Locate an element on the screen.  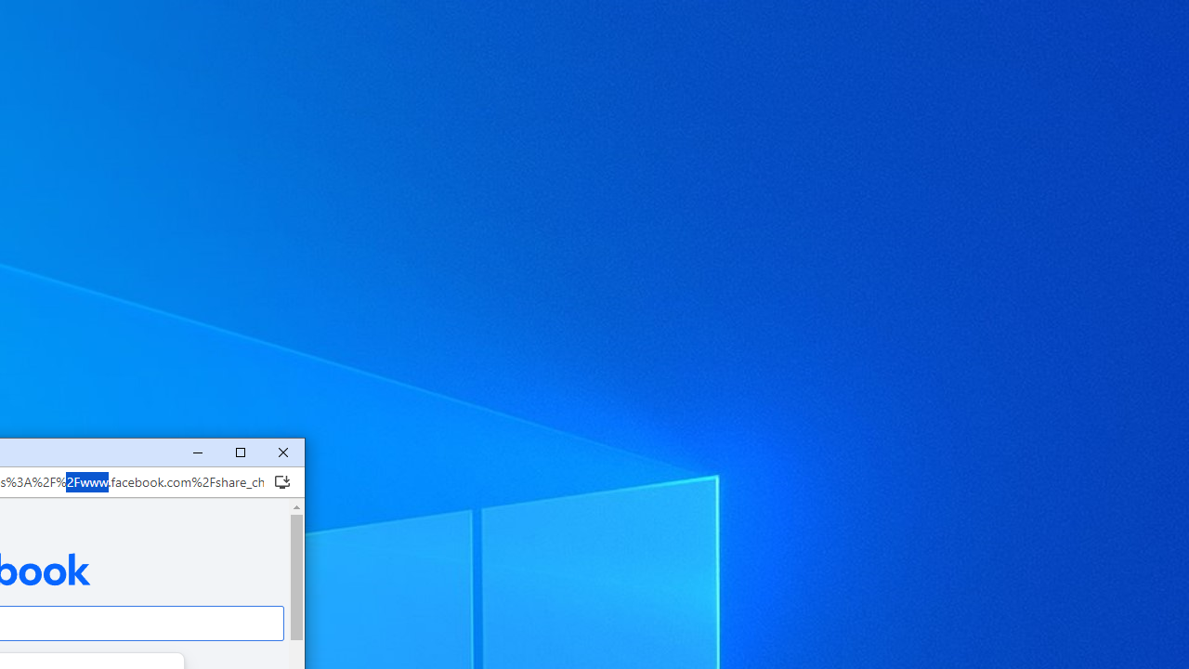
'Maximize' is located at coordinates (239, 453).